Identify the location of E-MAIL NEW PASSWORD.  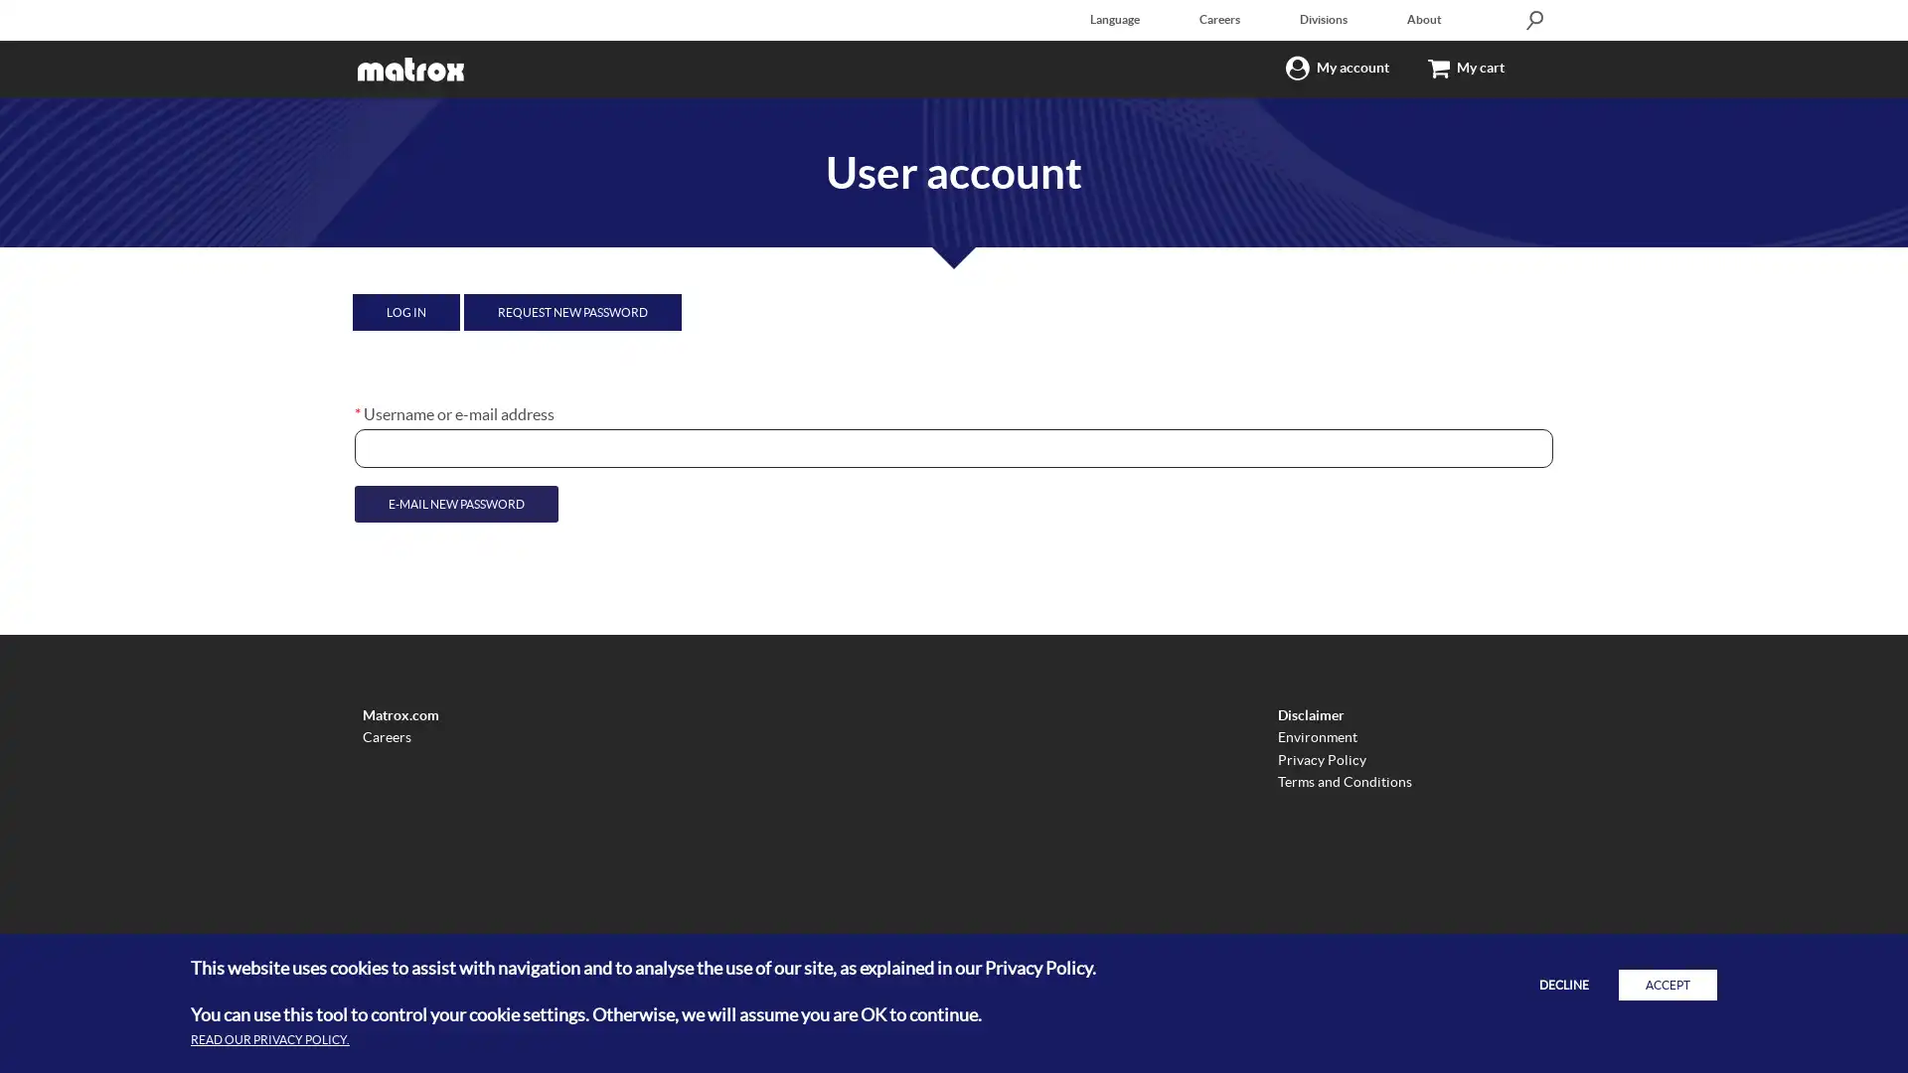
(454, 503).